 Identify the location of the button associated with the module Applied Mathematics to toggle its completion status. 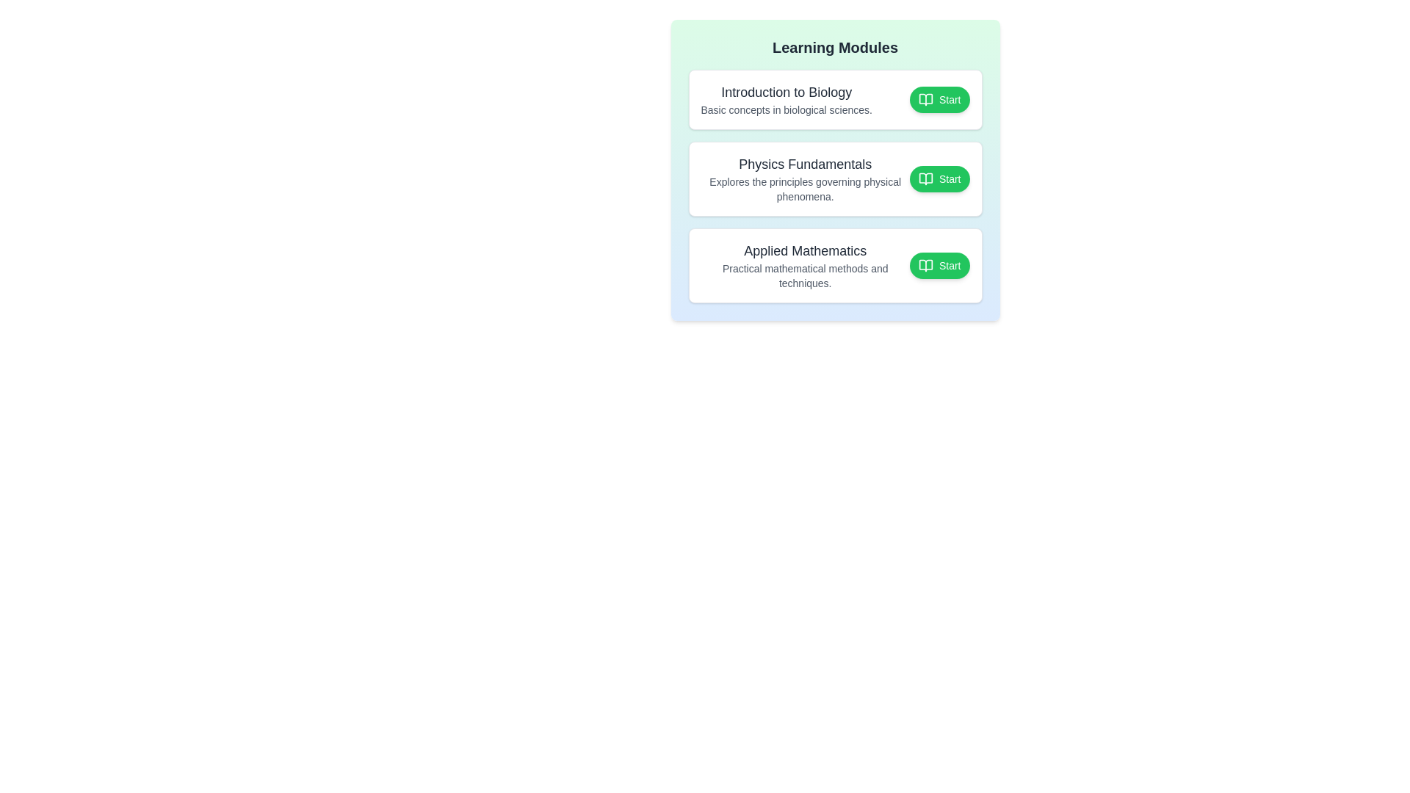
(939, 266).